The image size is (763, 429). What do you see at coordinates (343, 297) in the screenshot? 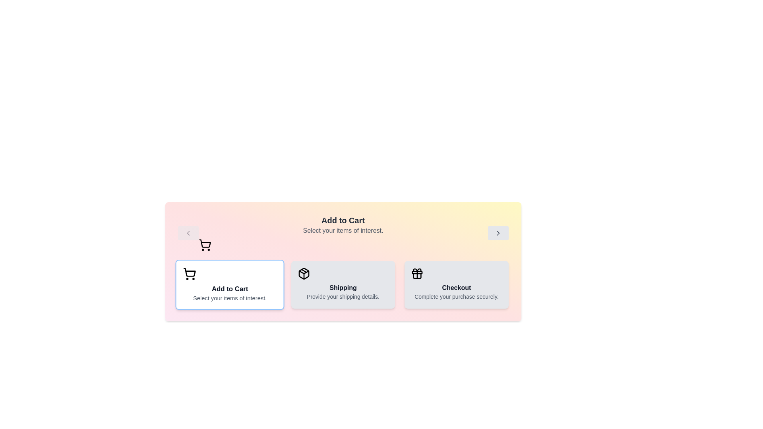
I see `the descriptive instruction text located in the 'Shipping' section, which is the final textual component in the 'Shipping' card, positioned centrally below the title` at bounding box center [343, 297].